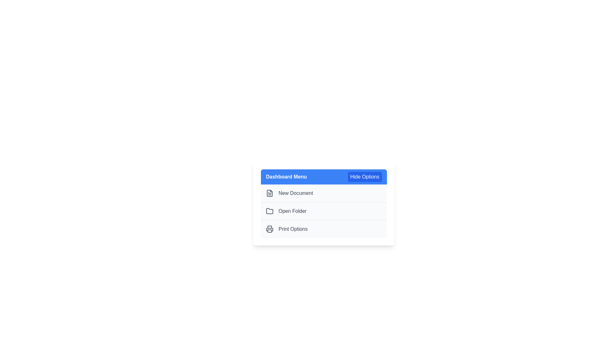  Describe the element at coordinates (324, 211) in the screenshot. I see `the second menu item in the 'Dashboard Menu'` at that location.